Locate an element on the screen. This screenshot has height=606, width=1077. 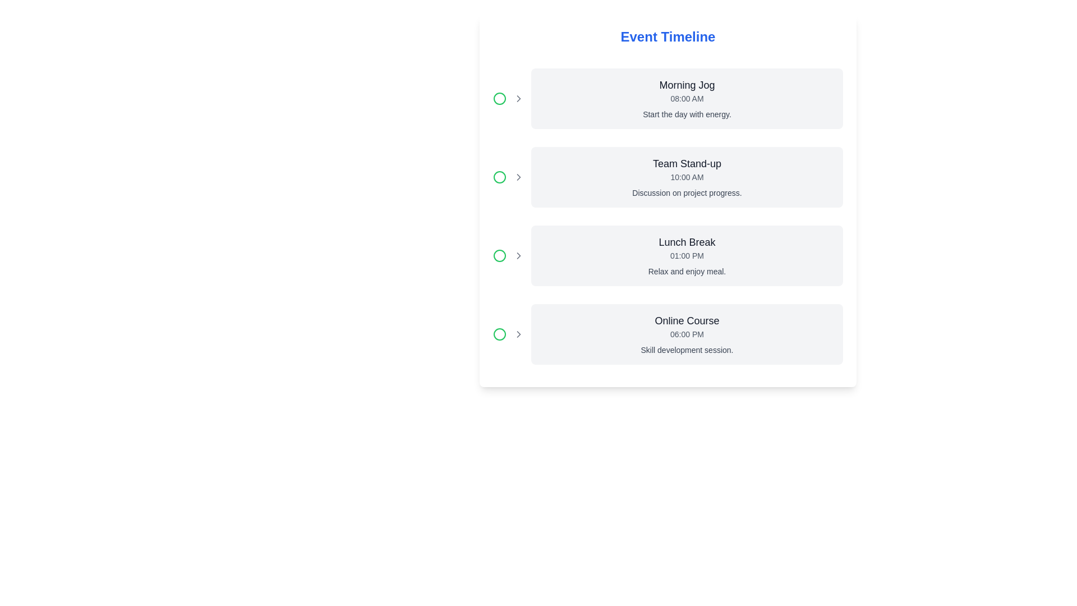
the text label at the top of the card that serves as the title or header for the event being described is located at coordinates (686, 320).